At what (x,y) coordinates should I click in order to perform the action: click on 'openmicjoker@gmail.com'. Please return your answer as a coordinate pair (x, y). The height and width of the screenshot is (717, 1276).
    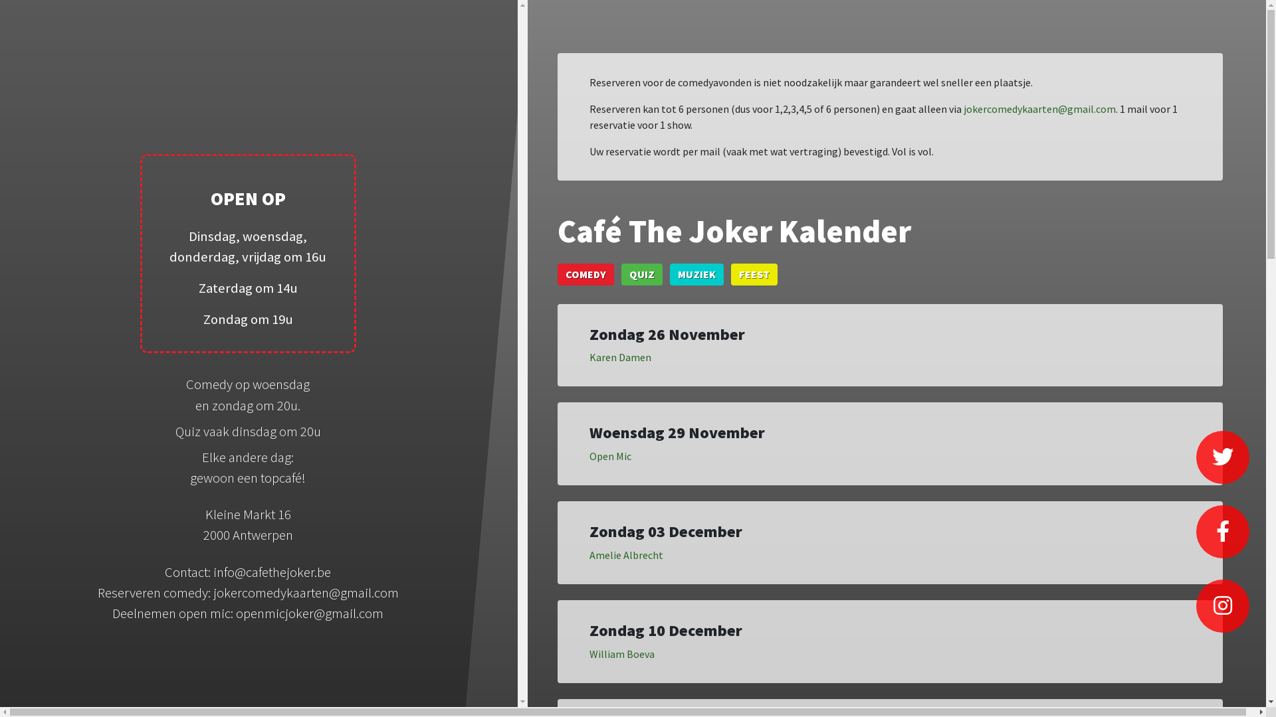
    Looking at the image, I should click on (308, 613).